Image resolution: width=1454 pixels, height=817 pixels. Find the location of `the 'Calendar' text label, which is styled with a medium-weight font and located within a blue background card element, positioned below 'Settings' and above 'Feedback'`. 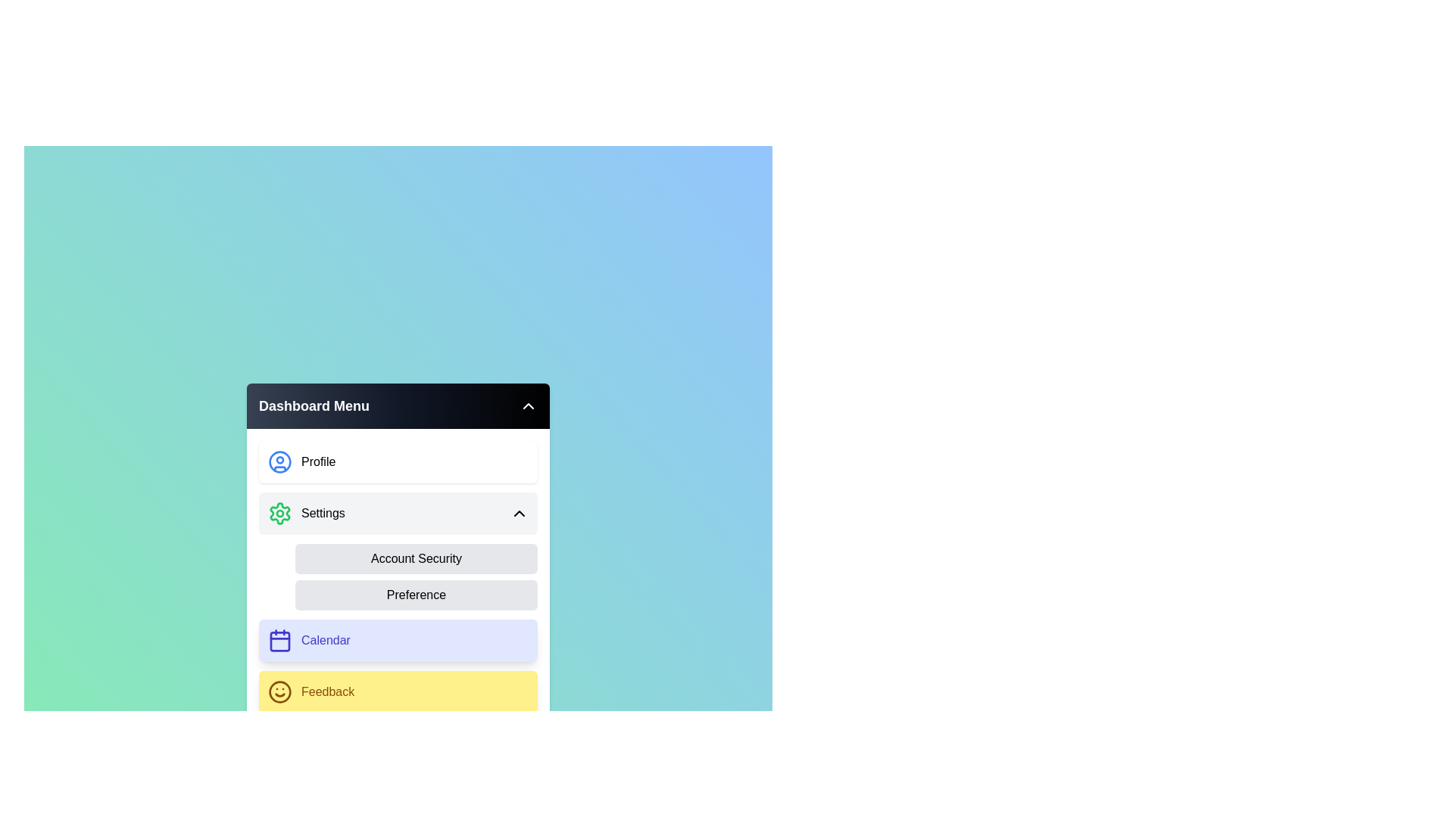

the 'Calendar' text label, which is styled with a medium-weight font and located within a blue background card element, positioned below 'Settings' and above 'Feedback' is located at coordinates (325, 641).